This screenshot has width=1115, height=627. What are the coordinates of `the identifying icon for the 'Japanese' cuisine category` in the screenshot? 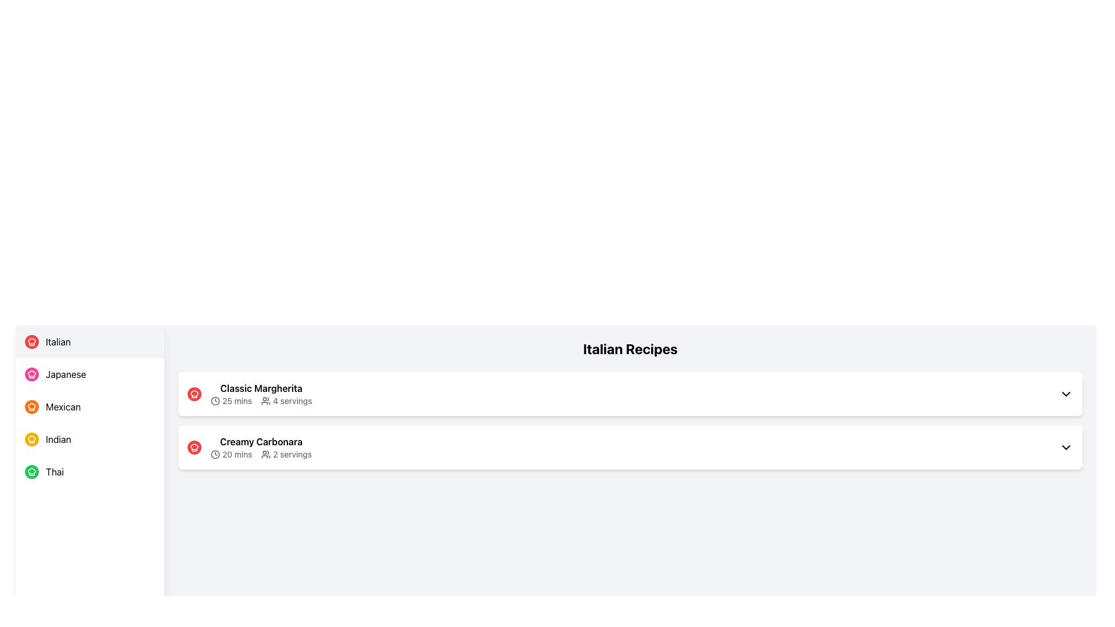 It's located at (31, 374).